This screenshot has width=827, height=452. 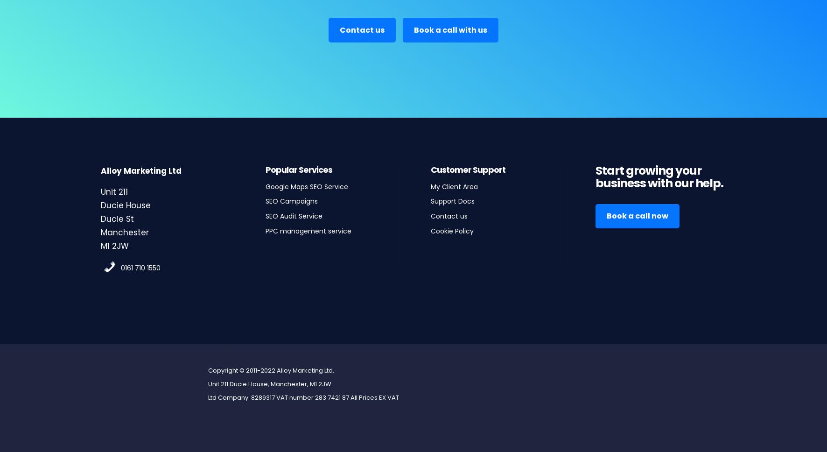 I want to click on 'Popular Services', so click(x=299, y=169).